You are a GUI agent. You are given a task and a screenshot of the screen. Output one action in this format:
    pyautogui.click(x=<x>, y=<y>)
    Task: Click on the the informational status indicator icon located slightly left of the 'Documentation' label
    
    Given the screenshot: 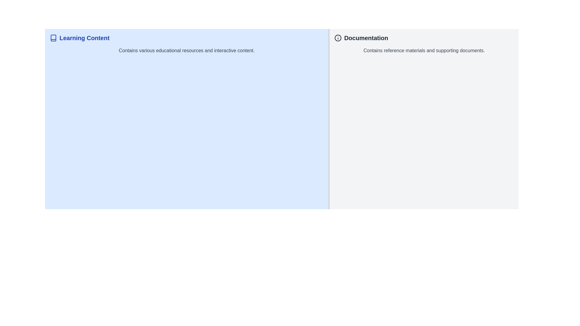 What is the action you would take?
    pyautogui.click(x=338, y=38)
    